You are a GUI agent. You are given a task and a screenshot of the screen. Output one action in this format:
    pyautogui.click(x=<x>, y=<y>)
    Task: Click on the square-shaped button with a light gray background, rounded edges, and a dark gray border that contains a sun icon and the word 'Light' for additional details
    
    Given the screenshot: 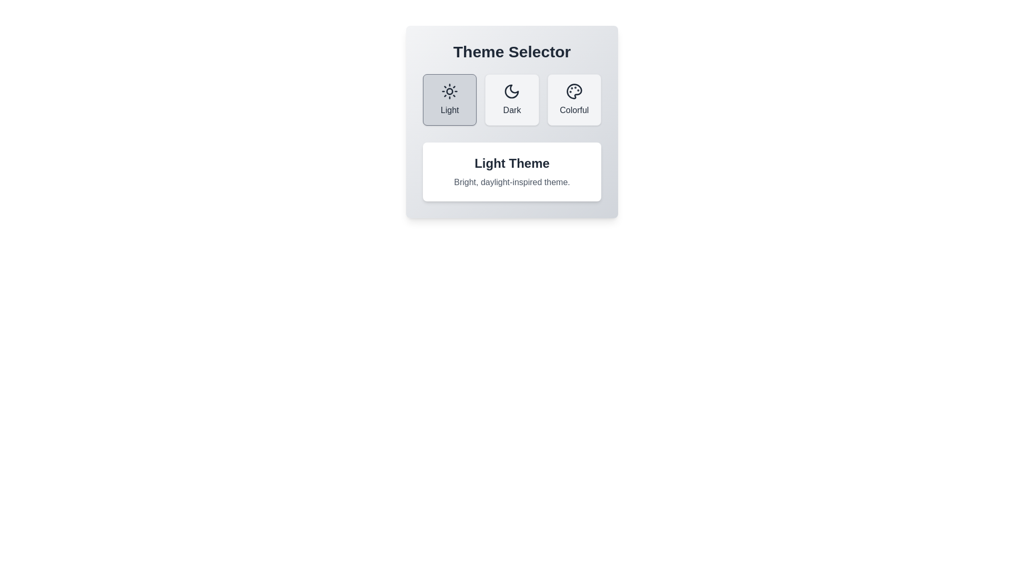 What is the action you would take?
    pyautogui.click(x=450, y=99)
    